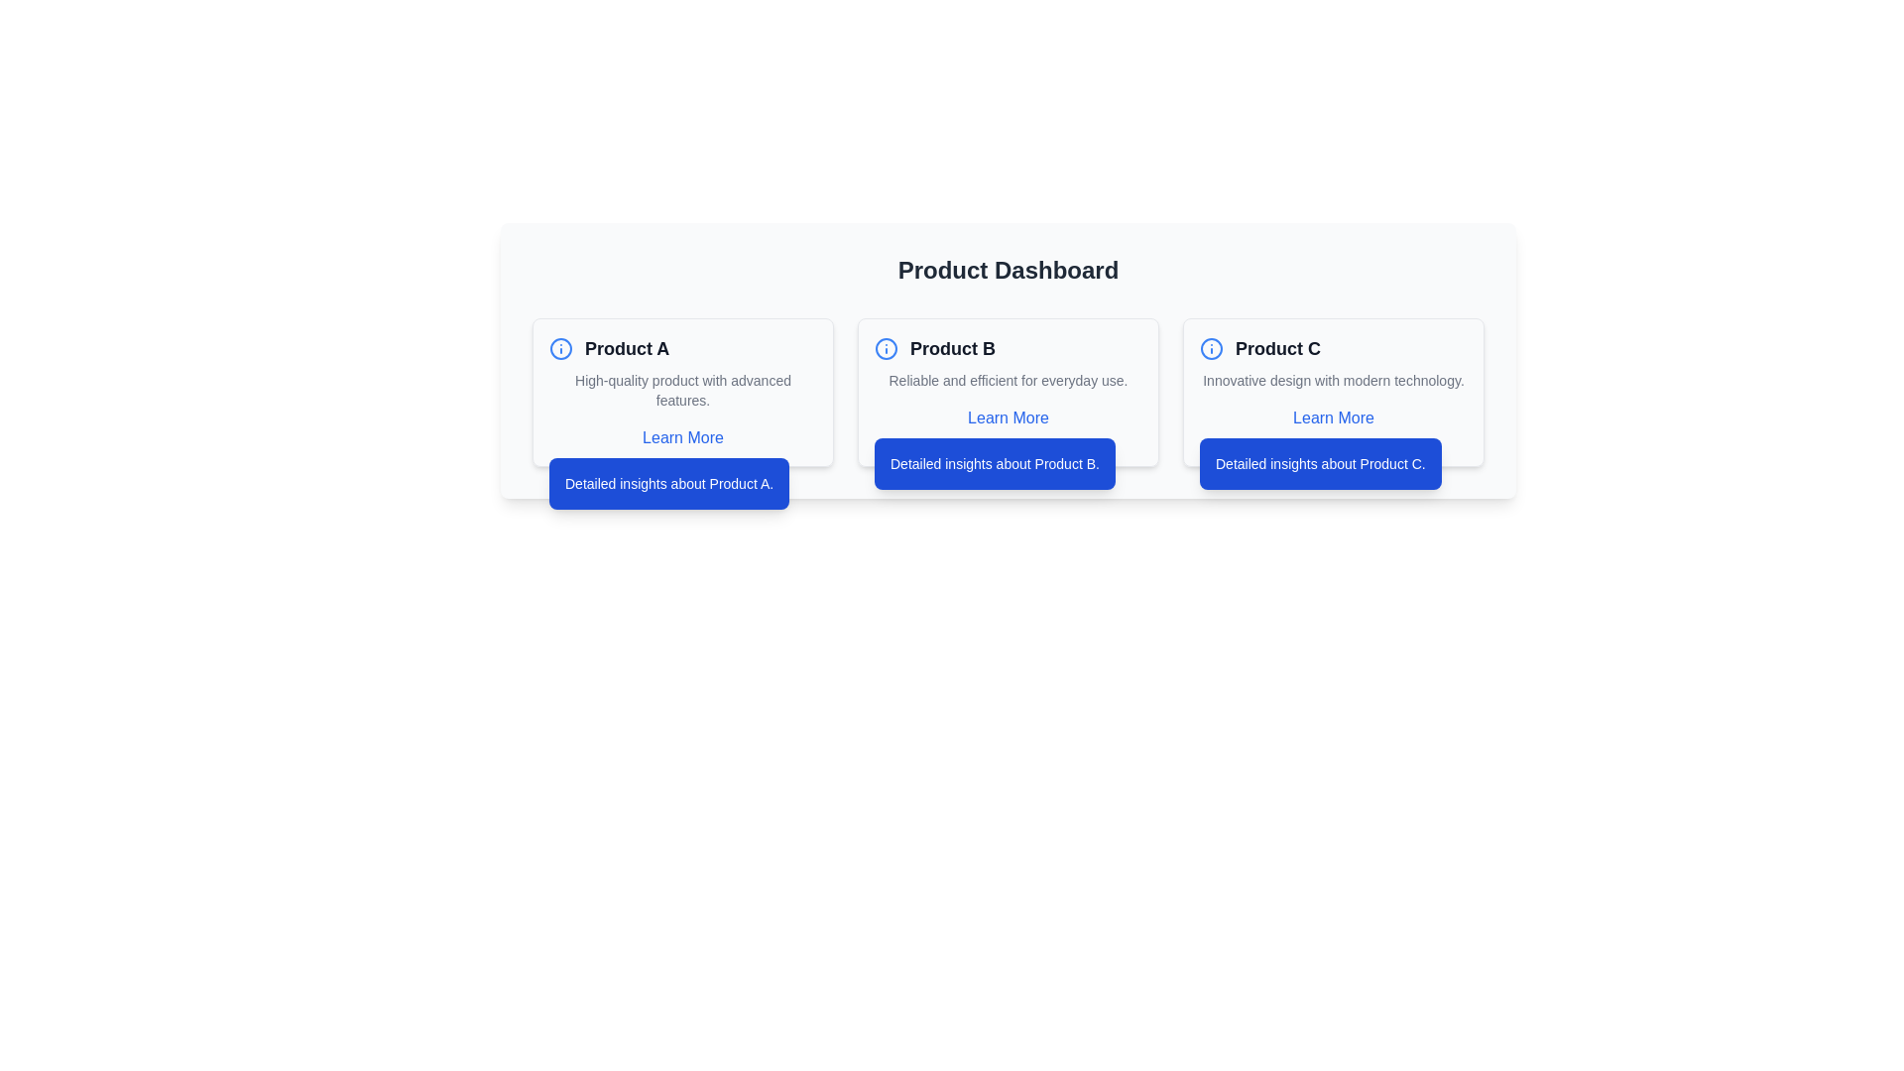 The image size is (1904, 1071). Describe the element at coordinates (885, 347) in the screenshot. I see `the information icon with a blue circular outline and a lowercase 'i' in the center, located in the header section of the card titled 'Product B'` at that location.